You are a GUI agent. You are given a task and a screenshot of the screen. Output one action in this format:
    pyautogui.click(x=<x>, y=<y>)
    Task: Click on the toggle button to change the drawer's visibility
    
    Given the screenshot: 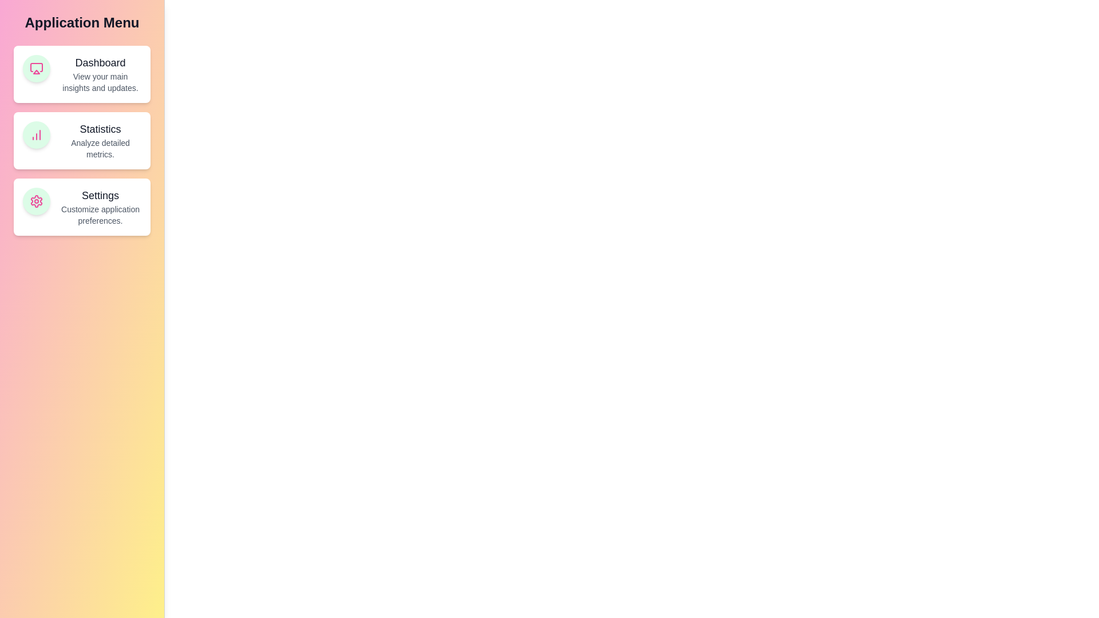 What is the action you would take?
    pyautogui.click(x=22, y=22)
    